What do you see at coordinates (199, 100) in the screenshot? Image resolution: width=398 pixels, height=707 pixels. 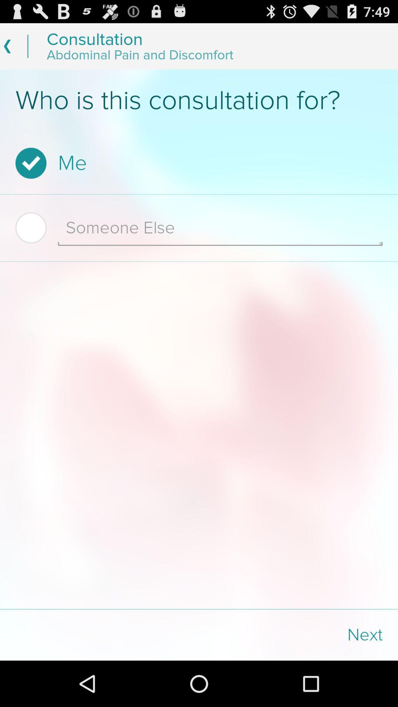 I see `icon above me` at bounding box center [199, 100].